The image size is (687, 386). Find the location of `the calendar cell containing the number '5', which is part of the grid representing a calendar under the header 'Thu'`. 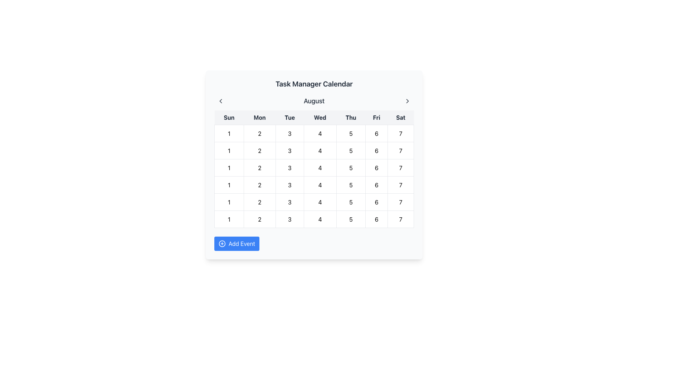

the calendar cell containing the number '5', which is part of the grid representing a calendar under the header 'Thu' is located at coordinates (351, 168).